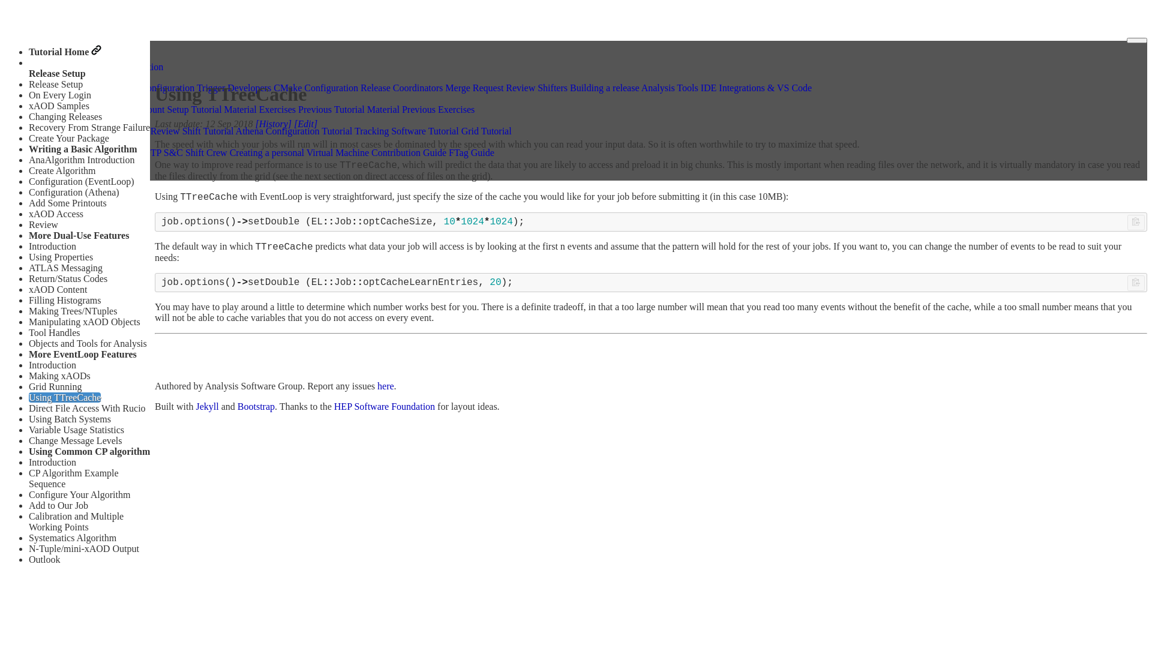  I want to click on 'Previous Exercises', so click(437, 109).